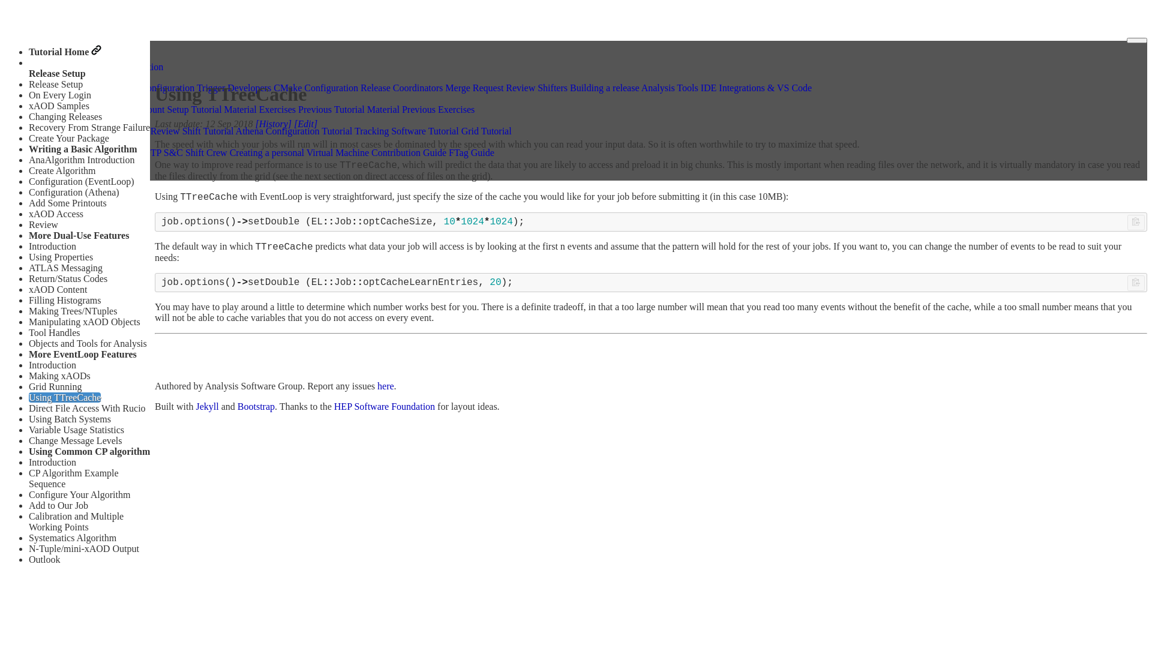  I want to click on 'Previous Exercises', so click(437, 109).